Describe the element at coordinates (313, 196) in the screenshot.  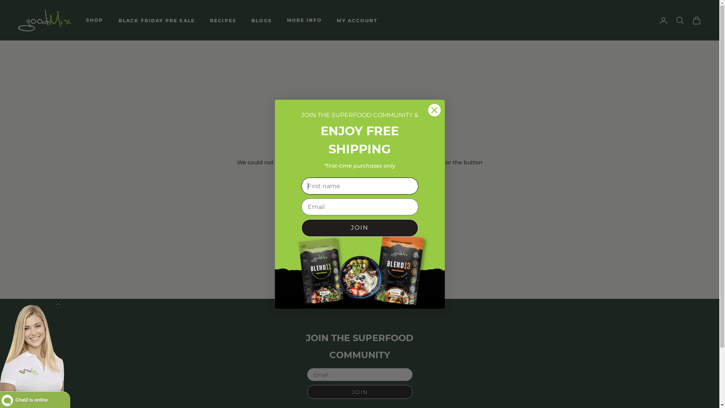
I see `'CONTINUE SHOPPING'` at that location.